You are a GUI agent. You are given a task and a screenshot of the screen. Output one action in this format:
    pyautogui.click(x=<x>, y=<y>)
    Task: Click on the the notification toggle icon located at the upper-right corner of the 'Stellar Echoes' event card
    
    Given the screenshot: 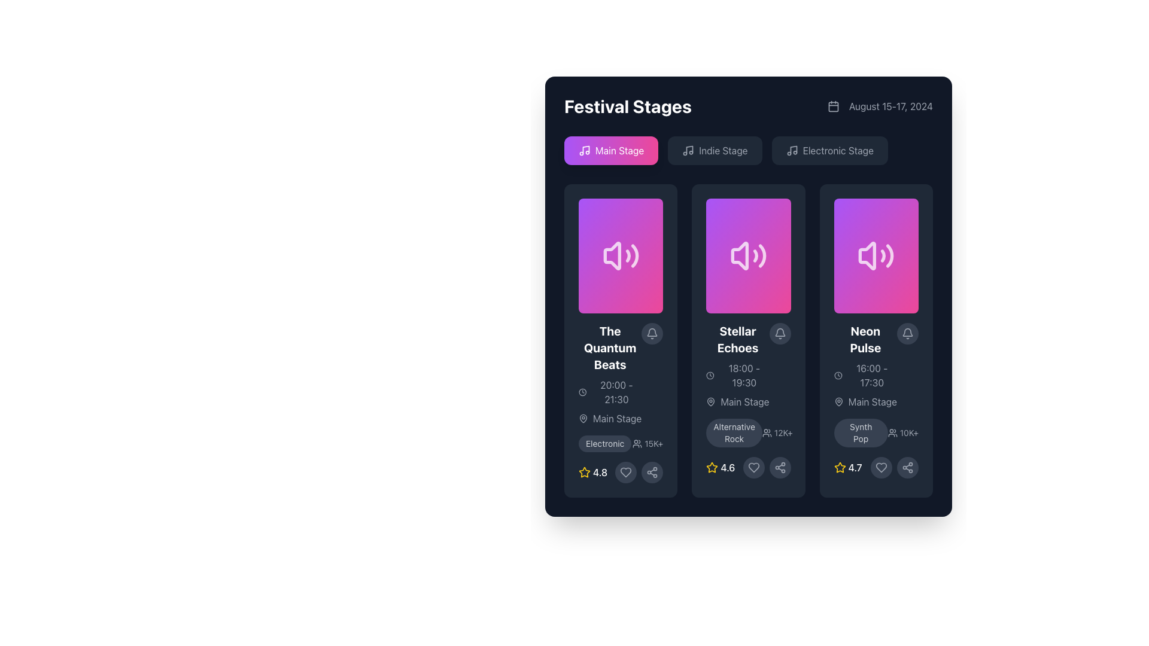 What is the action you would take?
    pyautogui.click(x=780, y=334)
    